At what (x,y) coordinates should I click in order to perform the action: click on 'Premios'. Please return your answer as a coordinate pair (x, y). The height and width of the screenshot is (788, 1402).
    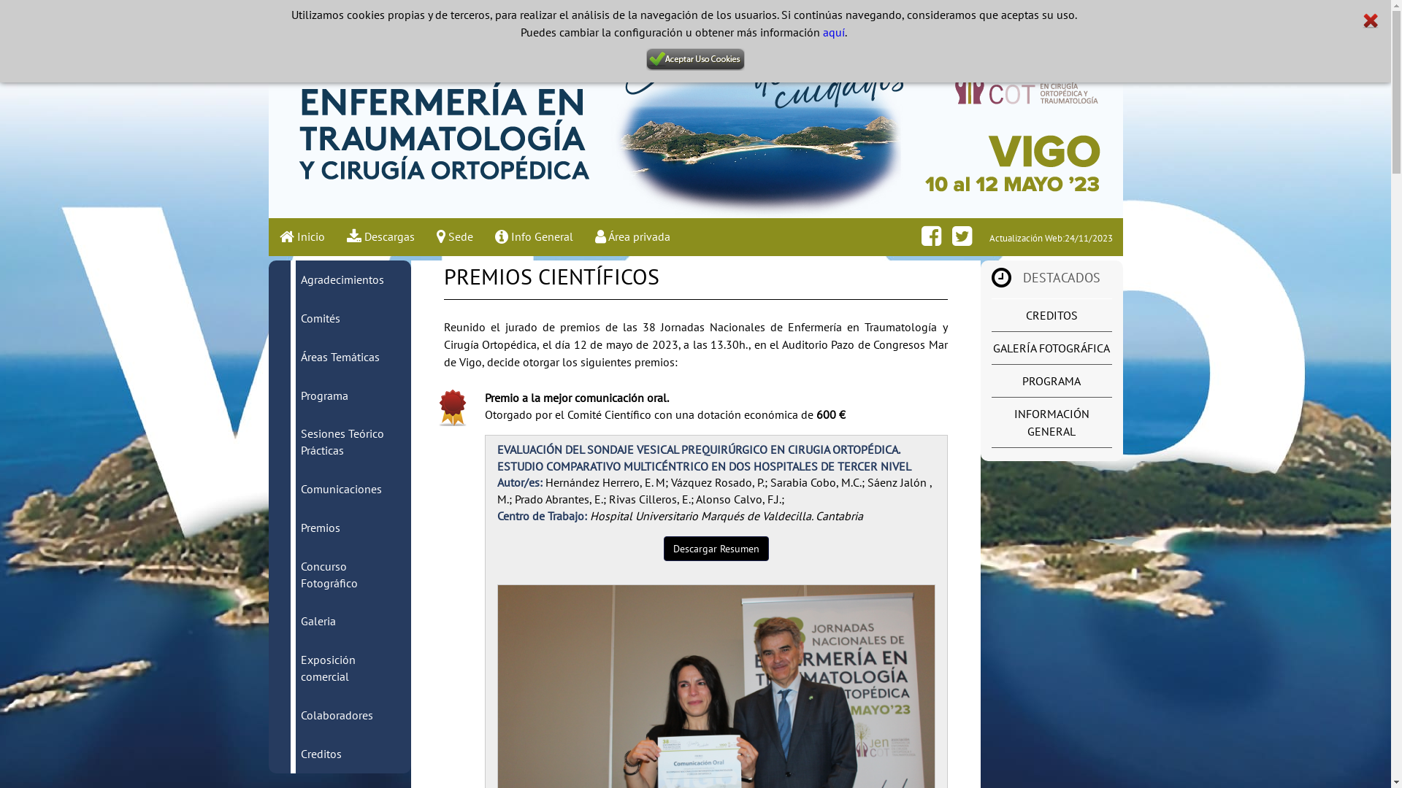
    Looking at the image, I should click on (319, 527).